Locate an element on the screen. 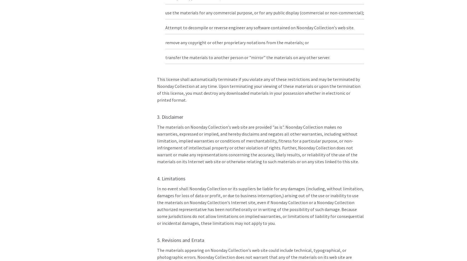  '3. Disclaimer' is located at coordinates (156, 117).